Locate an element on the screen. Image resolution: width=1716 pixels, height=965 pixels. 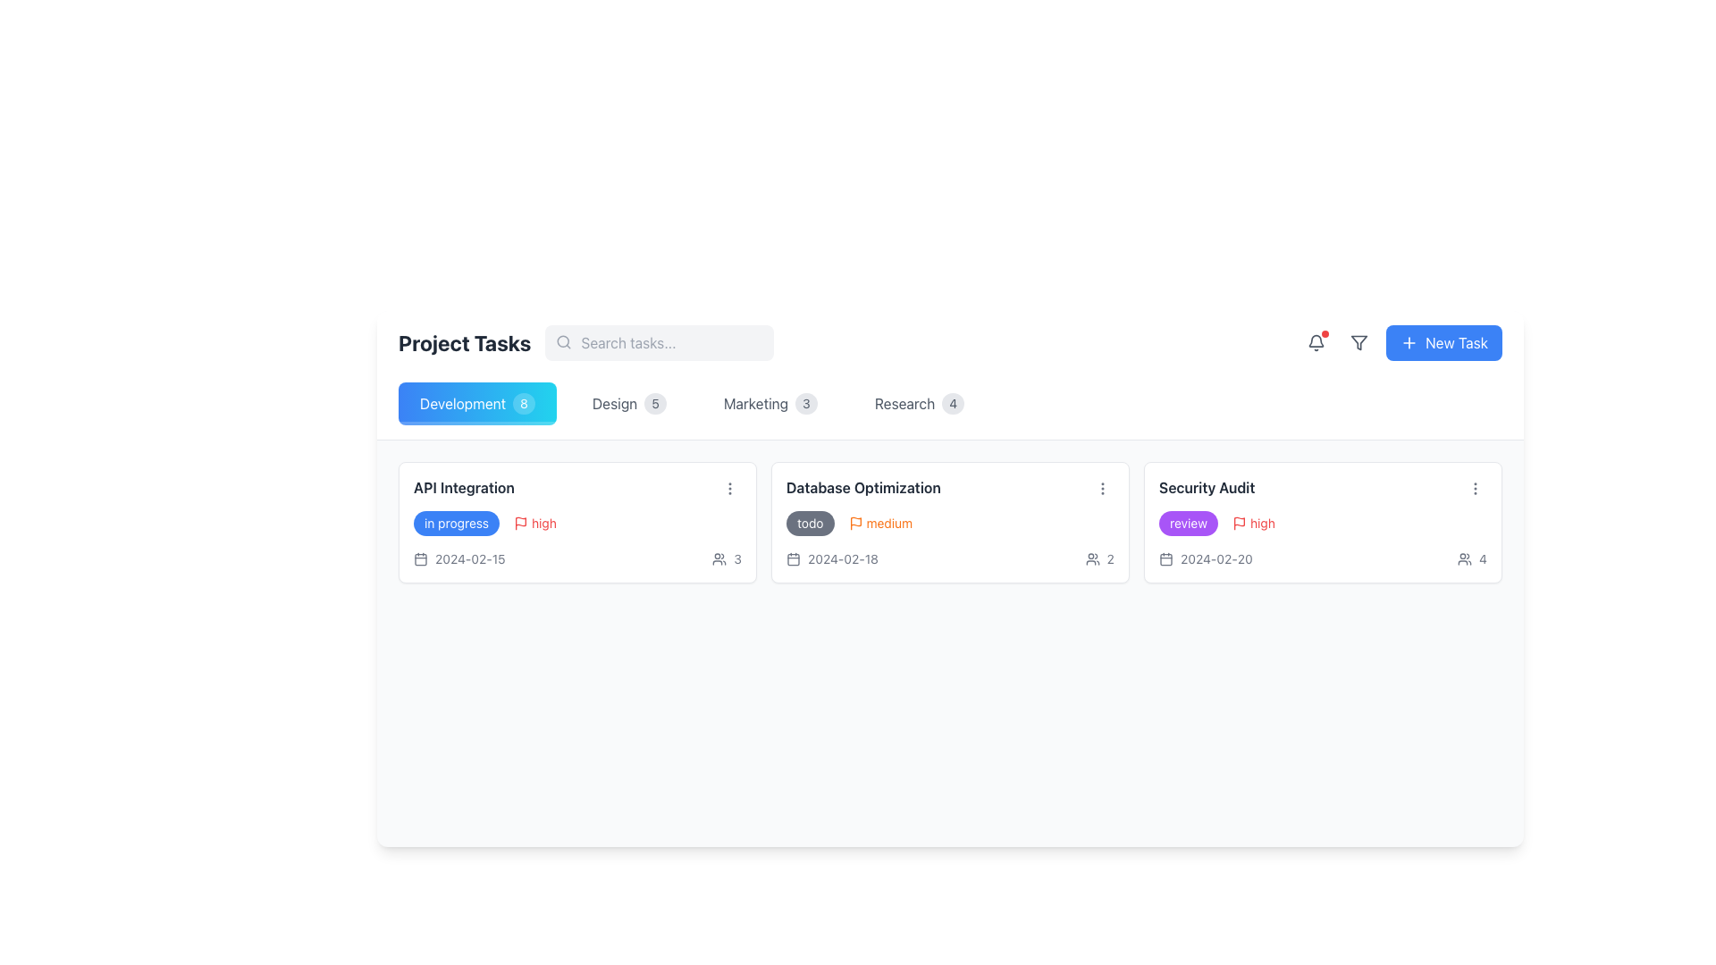
the count displayed on the Badge indicating the number associated with the 'Marketing' category, which is positioned to the right of the 'Marketing' text is located at coordinates (805, 403).